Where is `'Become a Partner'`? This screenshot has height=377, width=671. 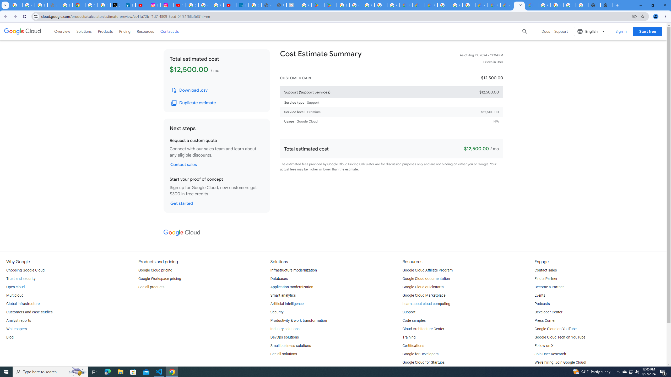 'Become a Partner' is located at coordinates (549, 287).